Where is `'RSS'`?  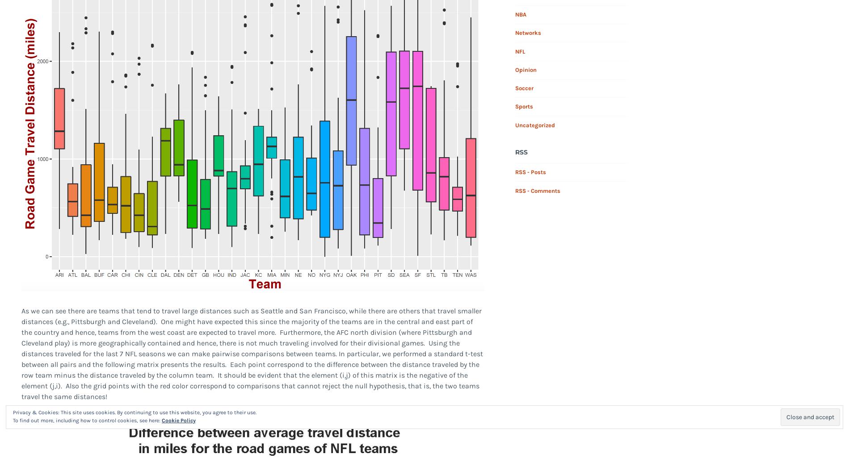 'RSS' is located at coordinates (521, 152).